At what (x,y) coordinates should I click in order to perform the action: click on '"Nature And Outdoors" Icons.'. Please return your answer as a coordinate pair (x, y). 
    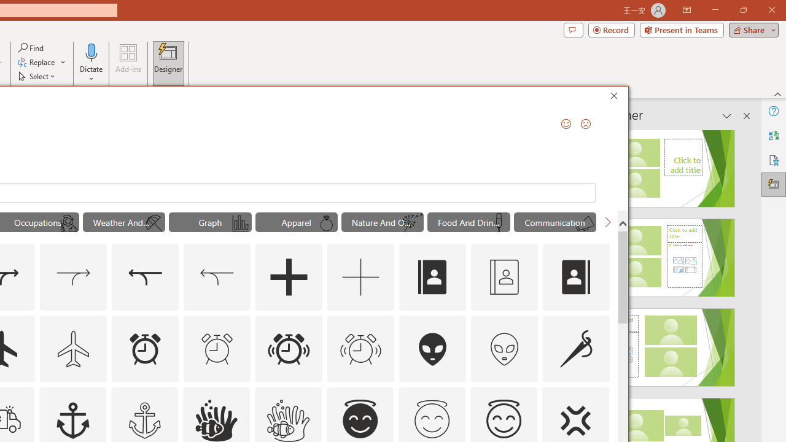
    Looking at the image, I should click on (381, 222).